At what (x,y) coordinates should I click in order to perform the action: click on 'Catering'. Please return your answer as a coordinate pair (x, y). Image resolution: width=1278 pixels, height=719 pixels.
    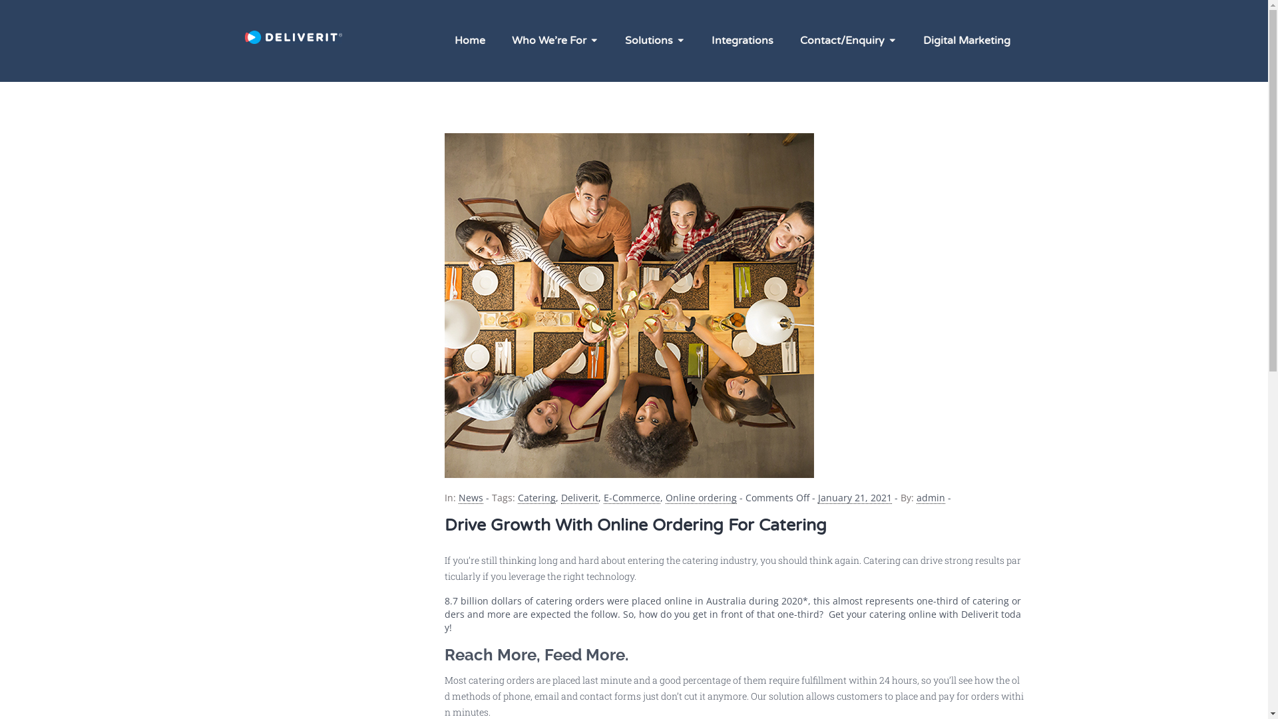
    Looking at the image, I should click on (536, 498).